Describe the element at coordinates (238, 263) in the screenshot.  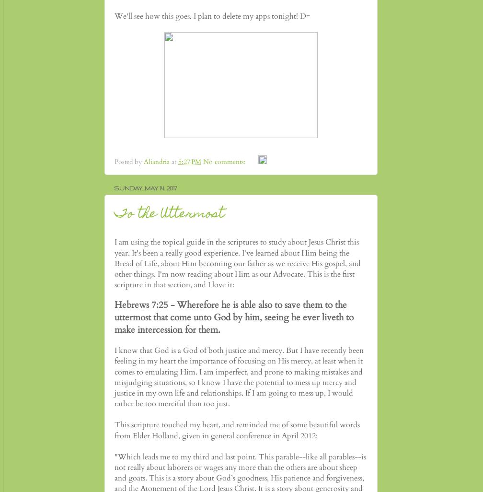
I see `'I am using the topical guide in the scriptures to study about Jesus Christ this year. It's been a really good experience. I've learned about Him being the Bread of Life, about Him becoming our father as we receive His gospel, and other things. I'm now reading about Him as our Advocate. This is the first scripture in that section, and I love it:'` at that location.